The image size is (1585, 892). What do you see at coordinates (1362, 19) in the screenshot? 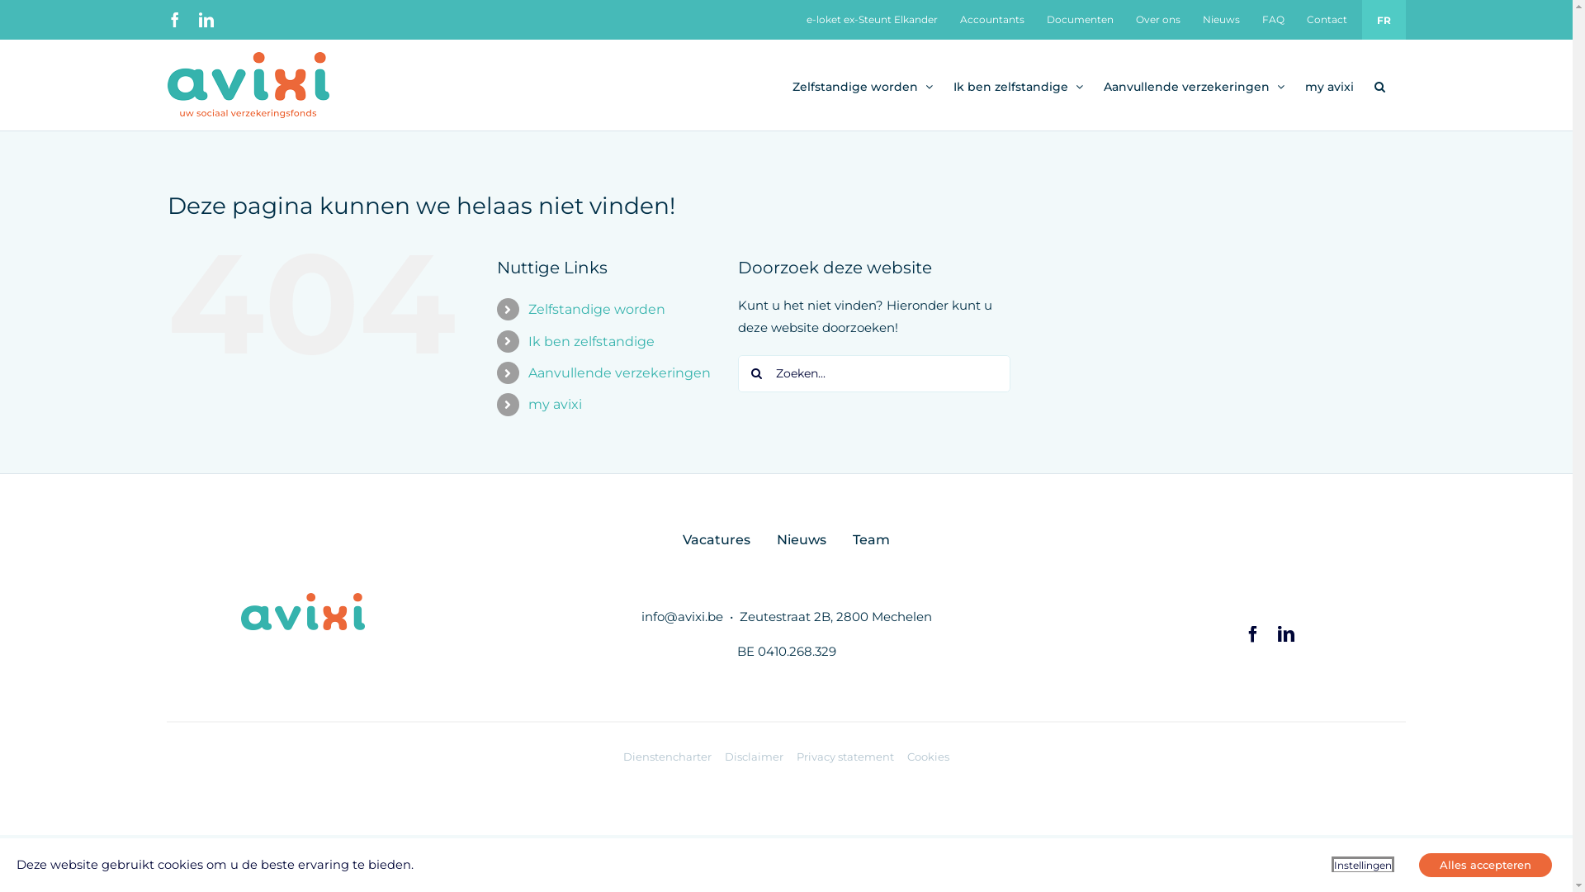
I see `'FR'` at bounding box center [1362, 19].